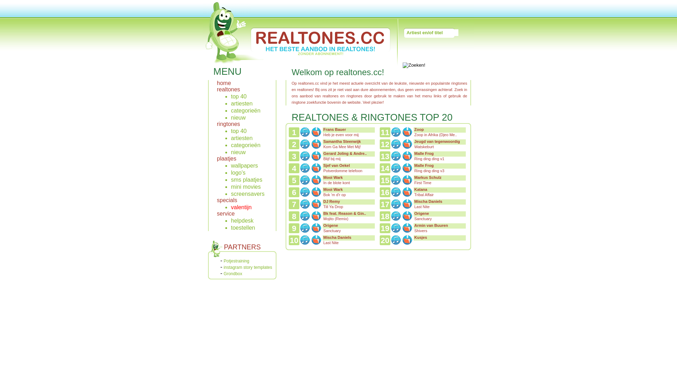 This screenshot has height=381, width=677. What do you see at coordinates (245, 186) in the screenshot?
I see `'mini movies'` at bounding box center [245, 186].